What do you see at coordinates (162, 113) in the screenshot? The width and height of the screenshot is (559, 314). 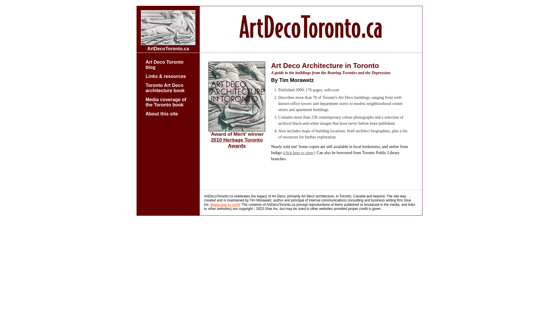 I see `'About this site'` at bounding box center [162, 113].